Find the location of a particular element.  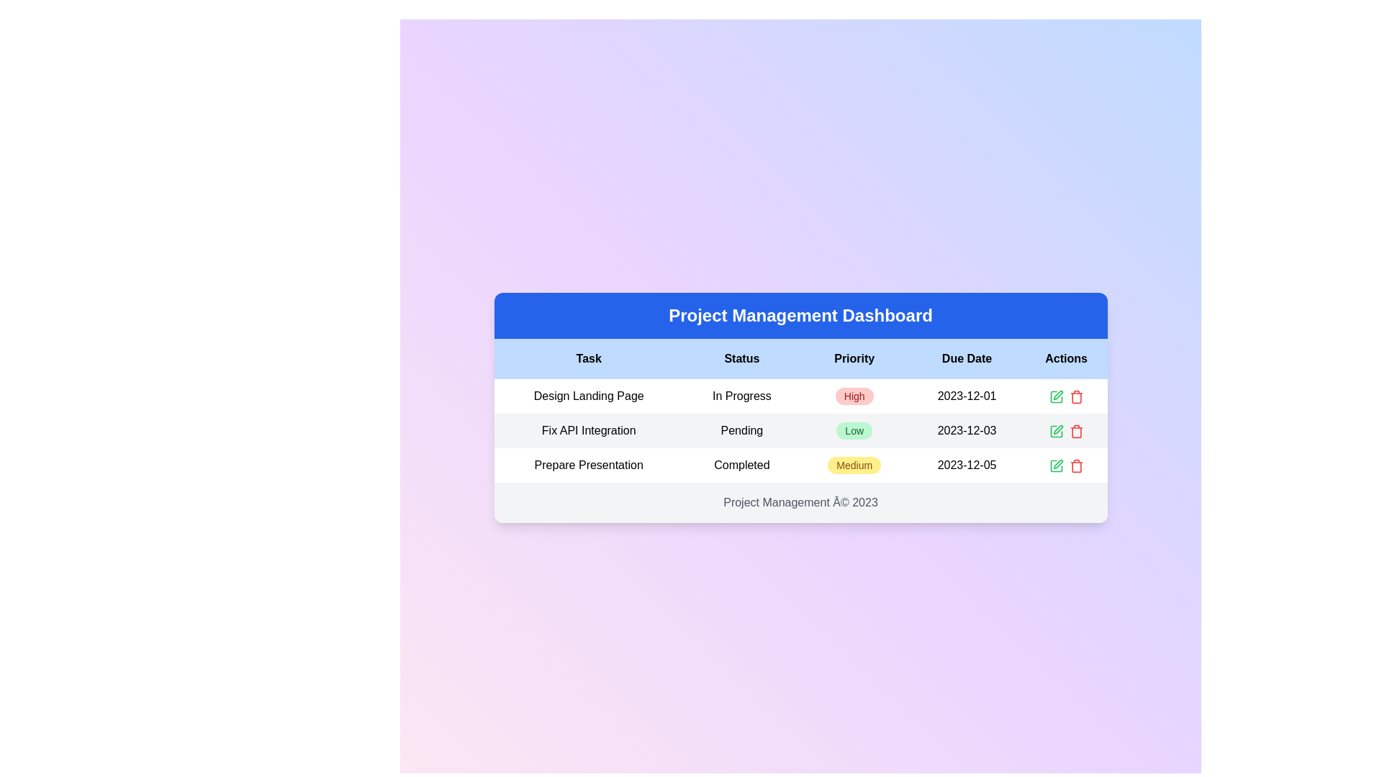

text displayed in the footer label that says 'Project Management Â© 2023' with a gray background and centered text alignment is located at coordinates (800, 501).